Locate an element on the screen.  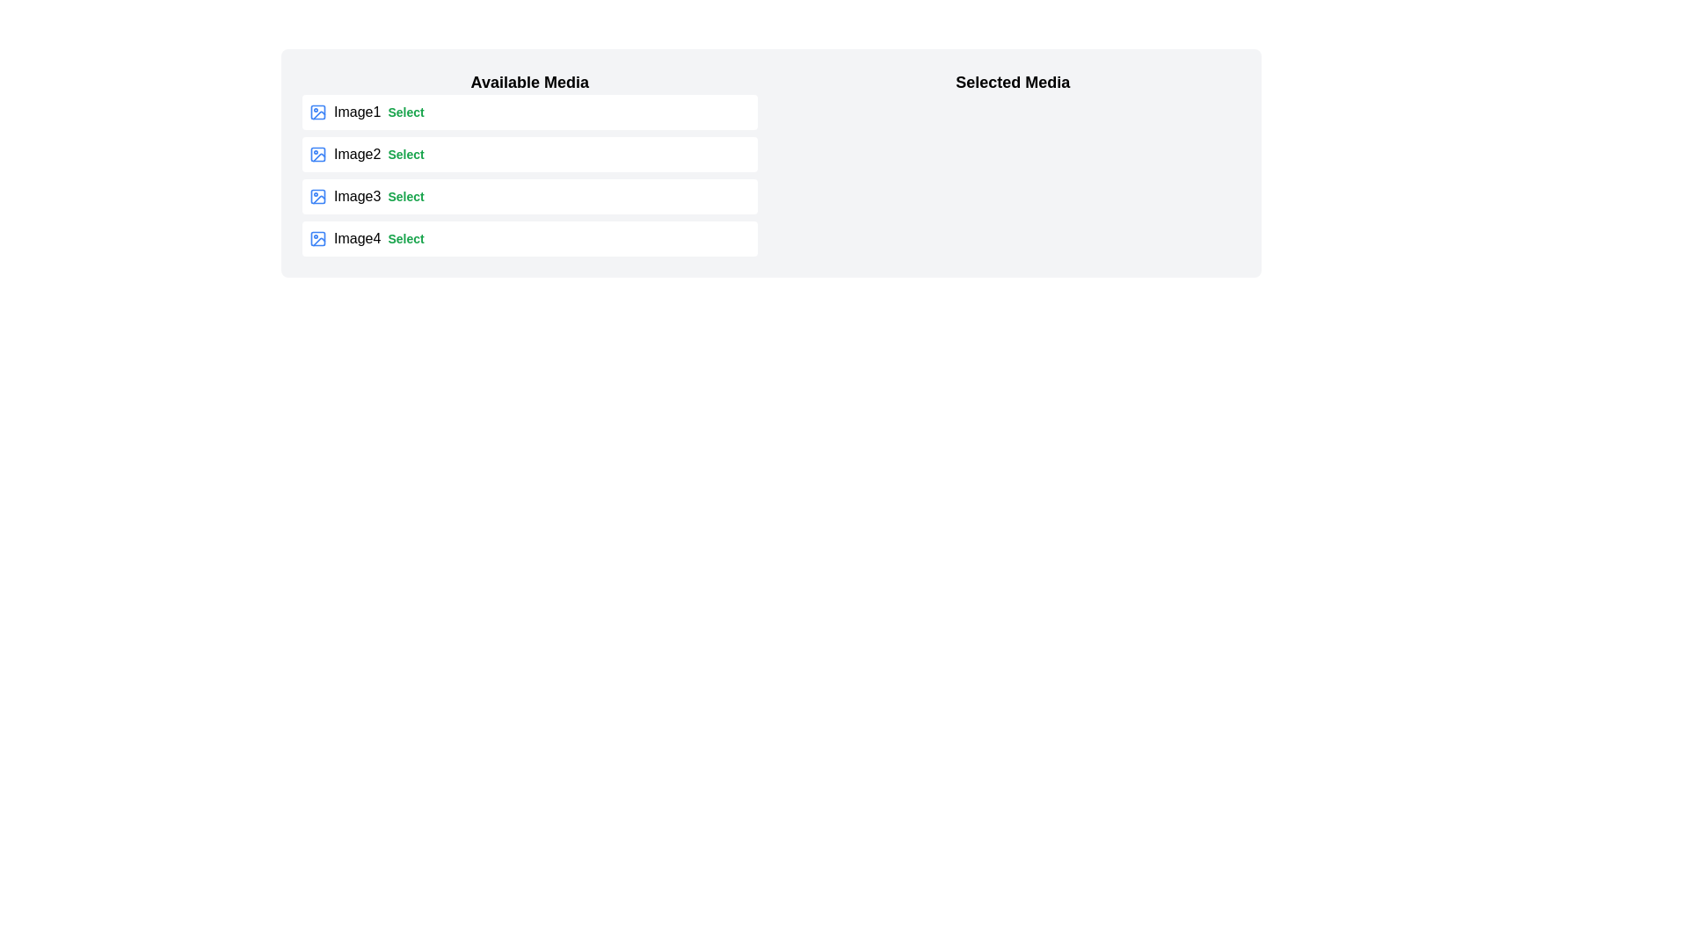
the second Text Label in the 'Available Media' section, which identifies a media item in the list is located at coordinates (356, 154).